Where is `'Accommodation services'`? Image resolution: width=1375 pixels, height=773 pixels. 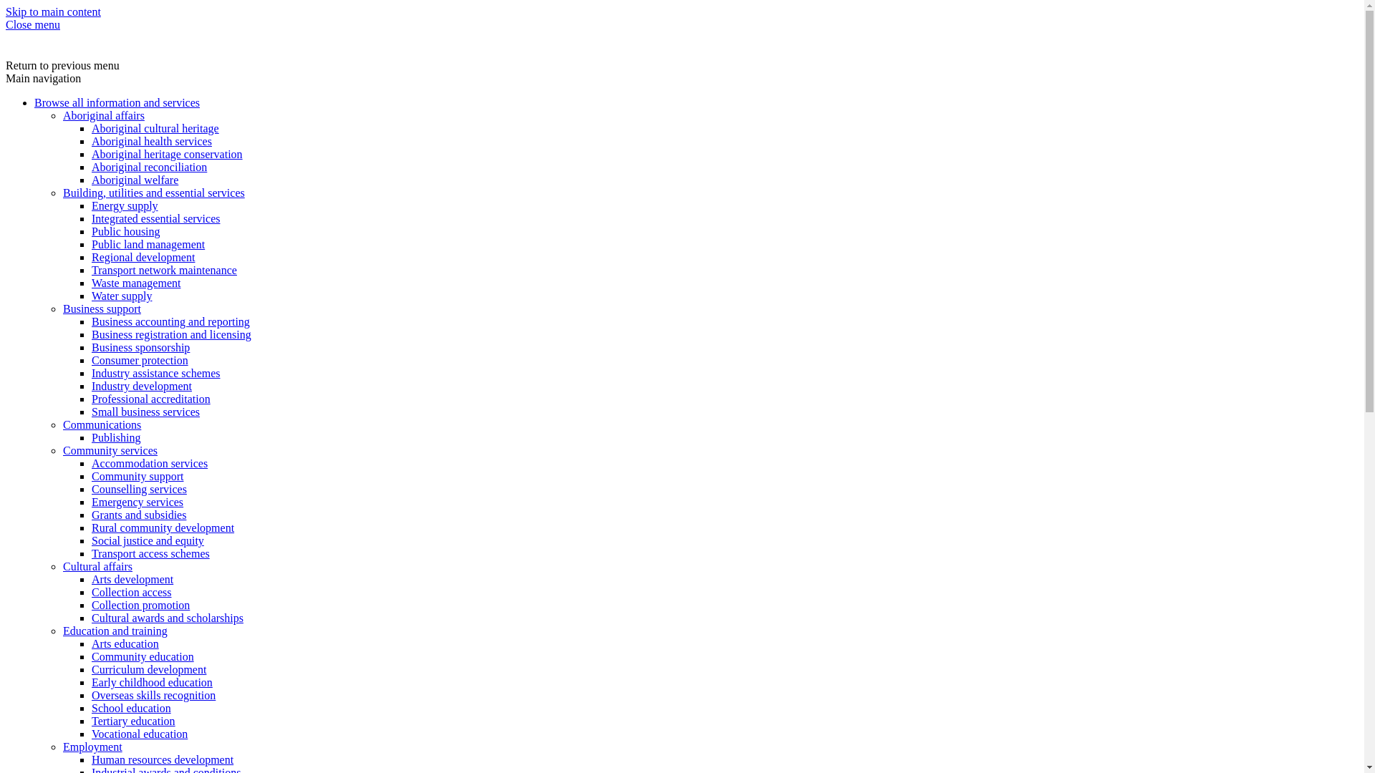
'Accommodation services' is located at coordinates (91, 463).